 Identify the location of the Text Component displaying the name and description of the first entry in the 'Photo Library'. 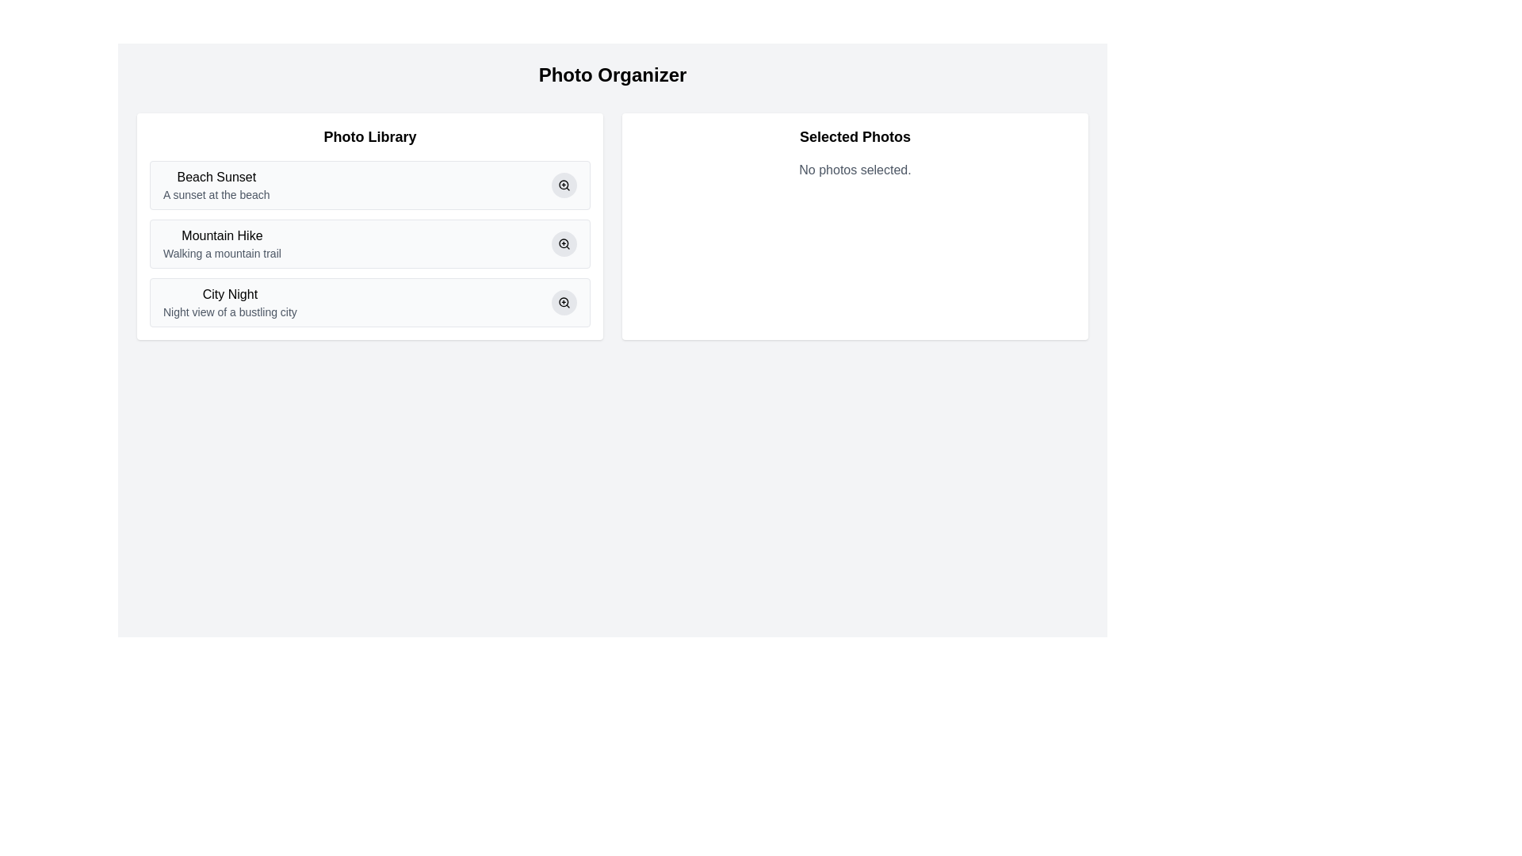
(216, 185).